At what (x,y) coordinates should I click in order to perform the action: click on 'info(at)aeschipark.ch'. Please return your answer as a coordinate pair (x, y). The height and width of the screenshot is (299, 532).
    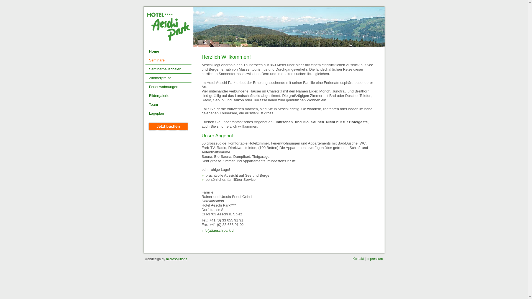
    Looking at the image, I should click on (218, 230).